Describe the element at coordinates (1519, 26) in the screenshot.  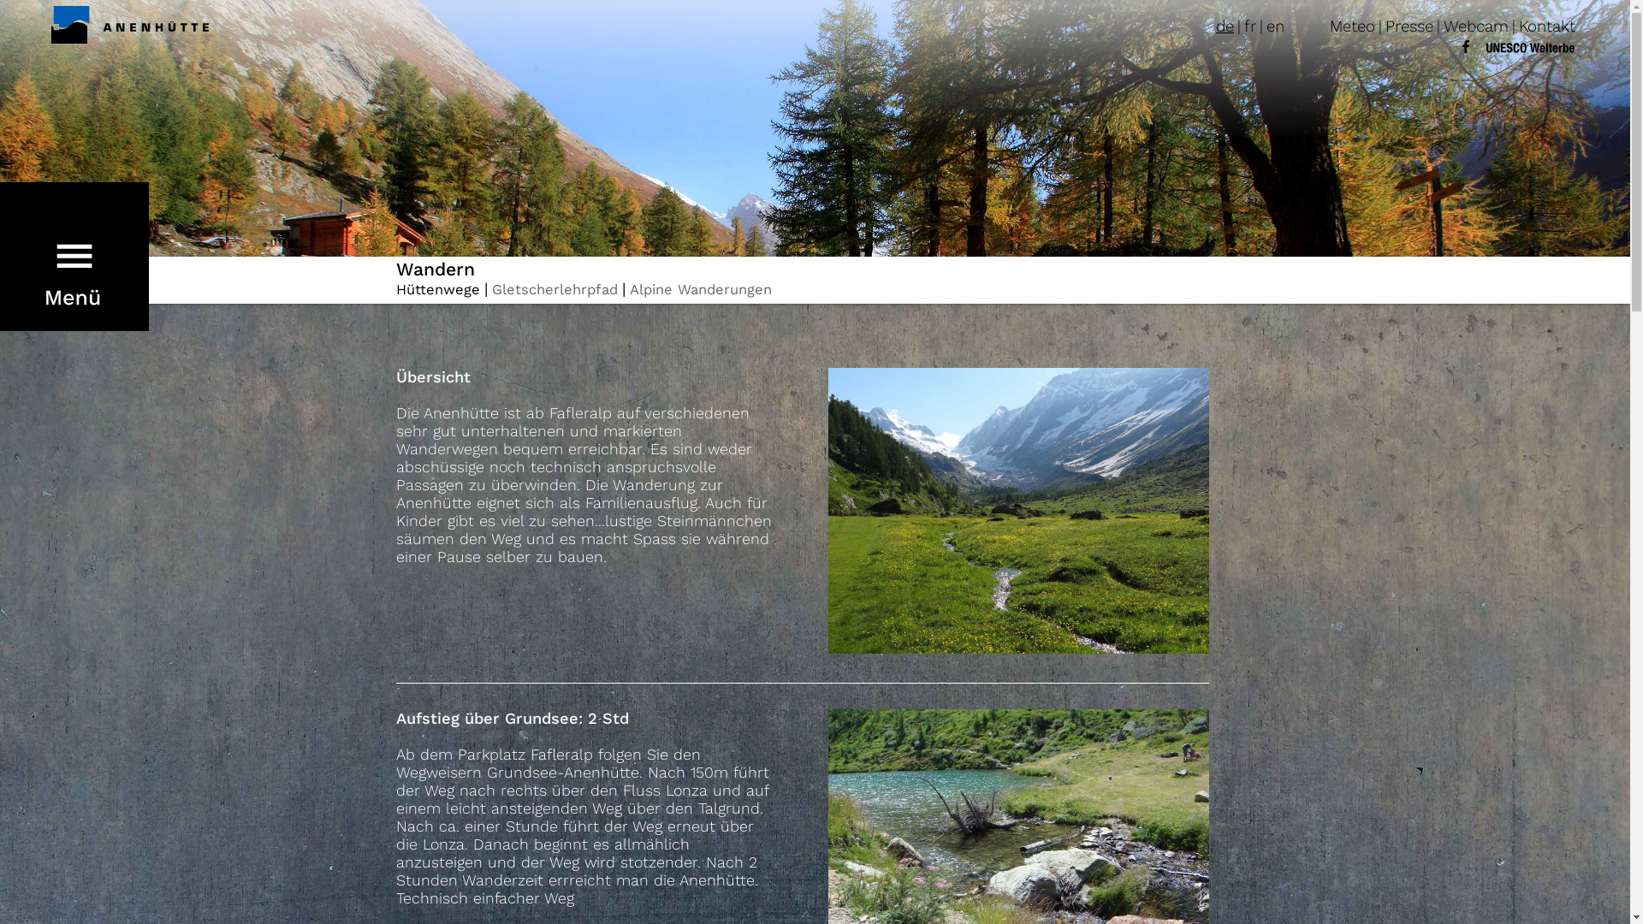
I see `'Kontakt'` at that location.